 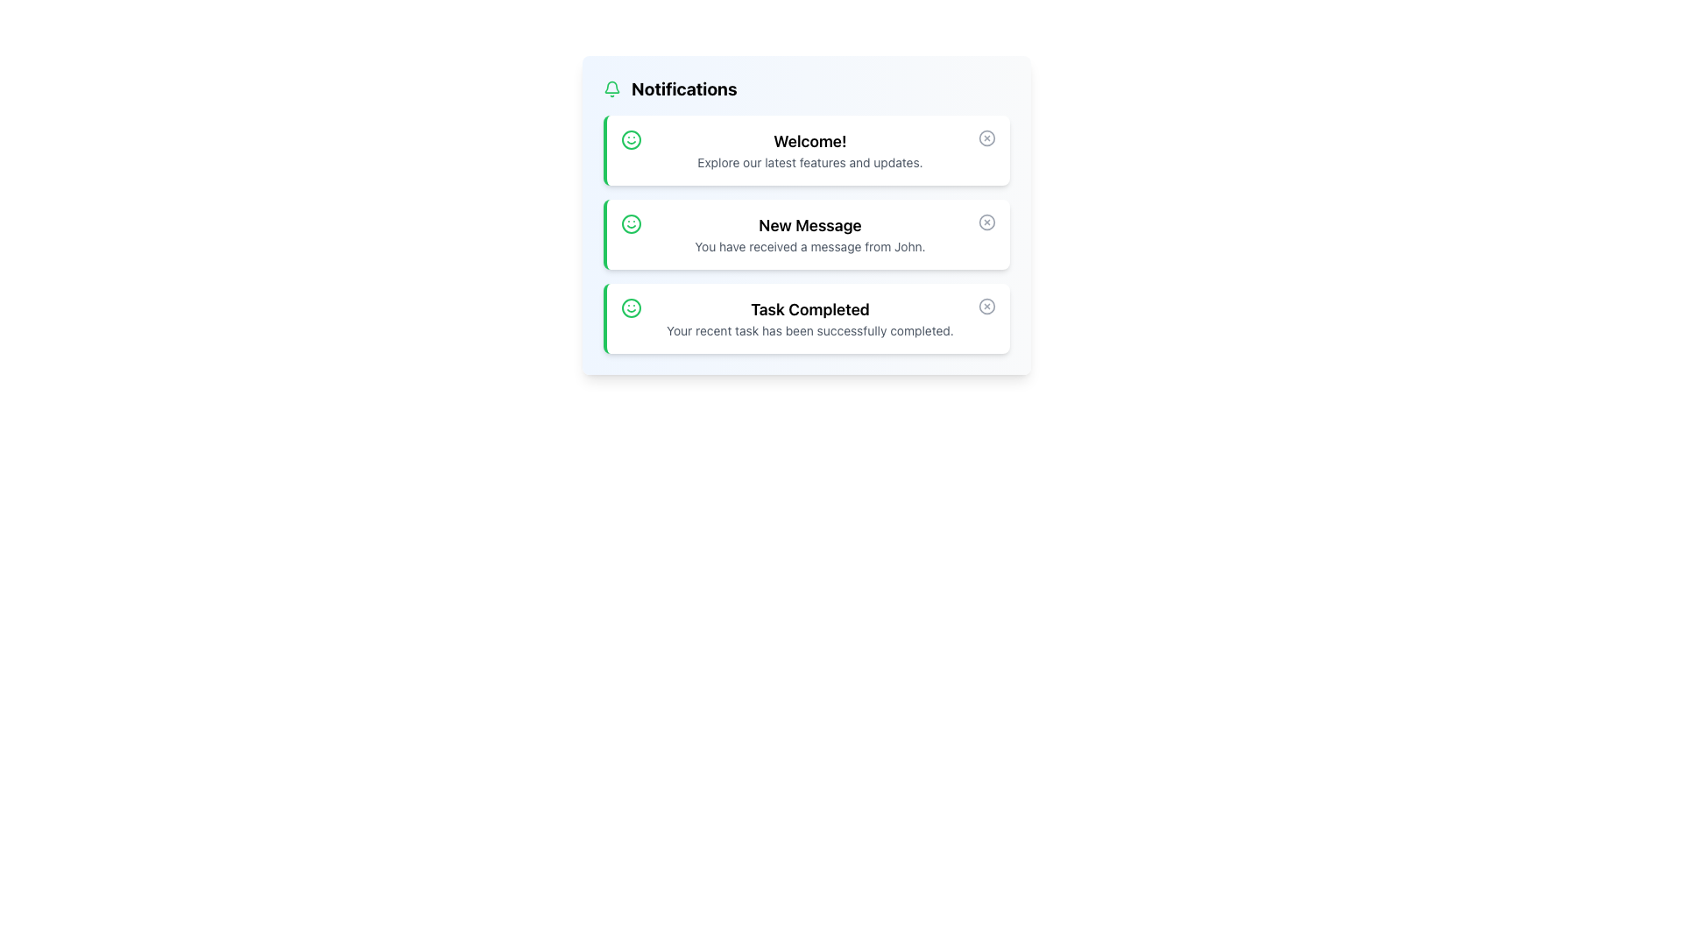 I want to click on the styling of the static text label that serves as a summary title for the notification, located in the middle section of the notification area, specifically within the third notification card from the top, so click(x=809, y=309).